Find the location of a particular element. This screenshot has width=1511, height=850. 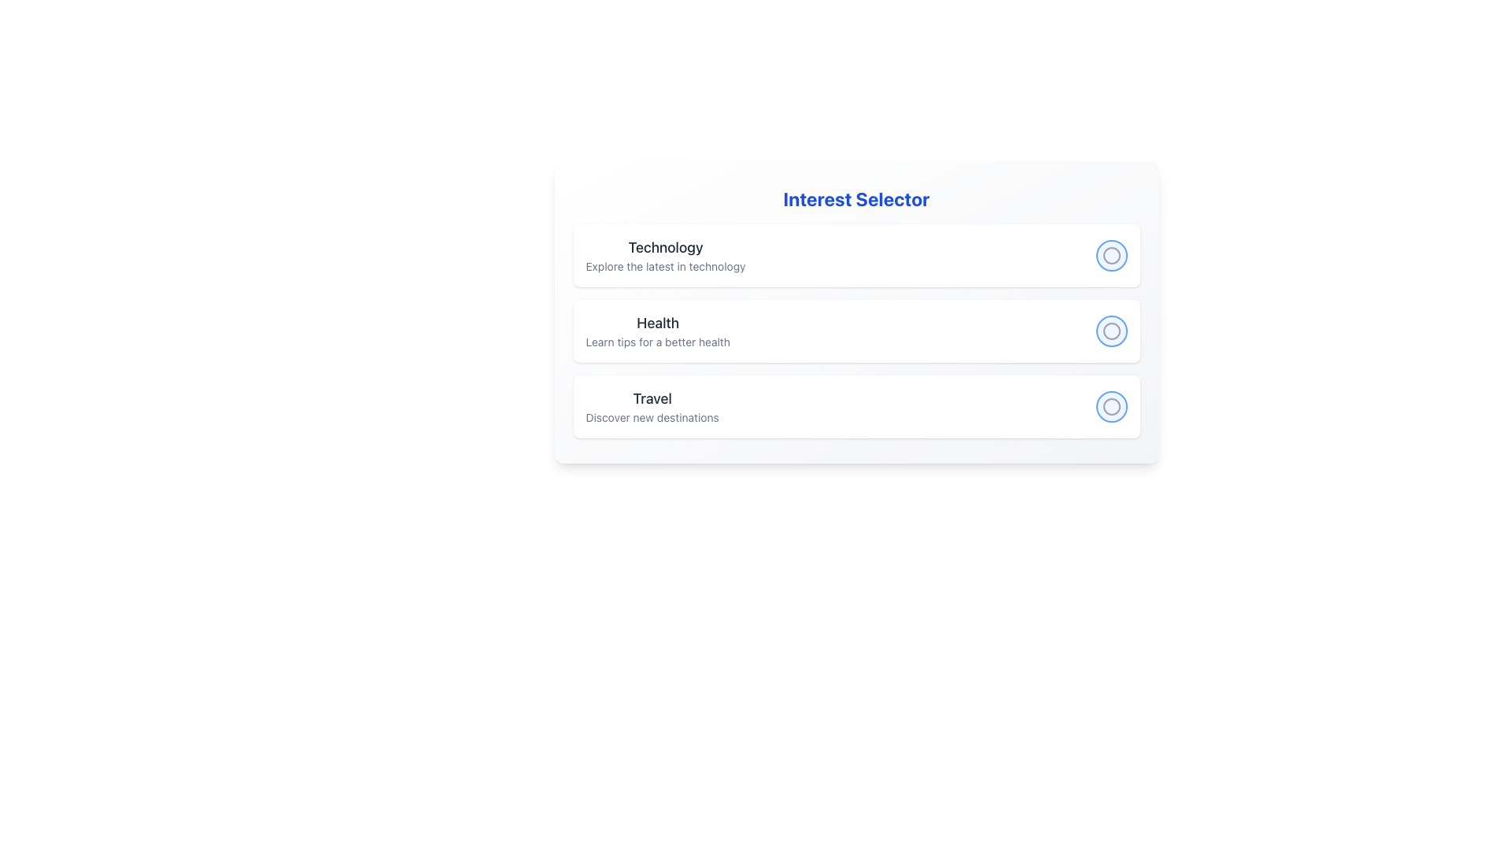

text label that says 'Discover new destinations', which is styled in gray and positioned beneath the 'Travel' heading in the vertical list of options is located at coordinates (652, 417).